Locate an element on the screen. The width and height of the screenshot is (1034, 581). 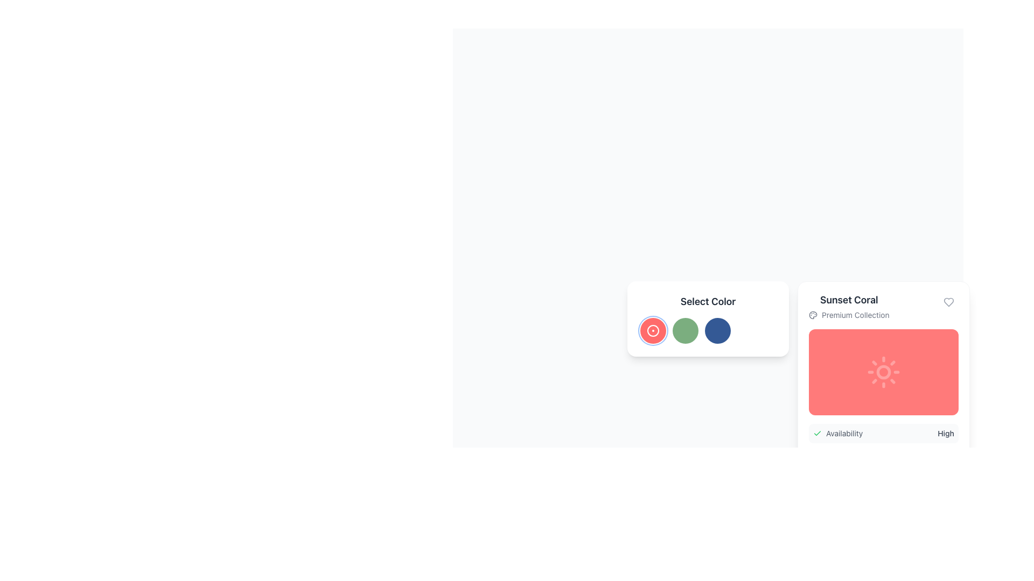
the third circle button for selecting the color blue, located under the label 'Select Color' is located at coordinates (708, 318).